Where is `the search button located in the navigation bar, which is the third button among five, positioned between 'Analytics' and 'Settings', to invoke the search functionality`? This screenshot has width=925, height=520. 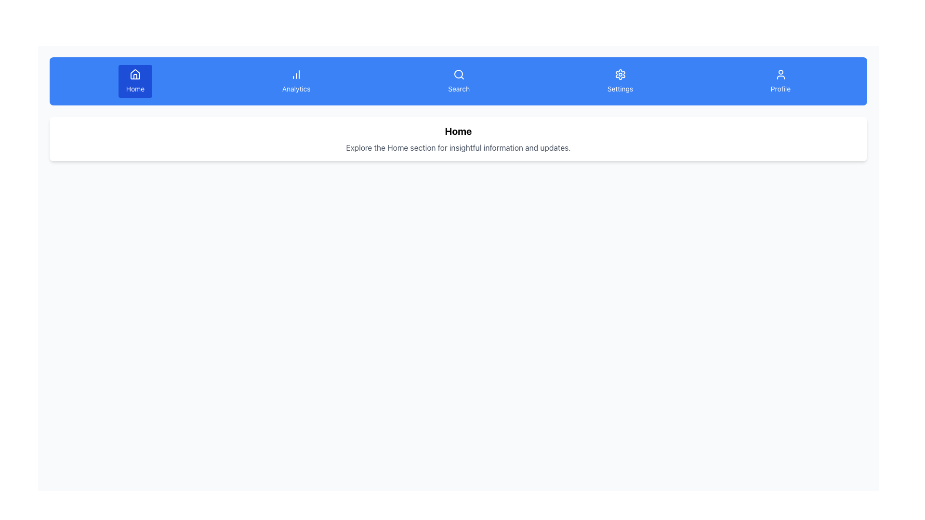 the search button located in the navigation bar, which is the third button among five, positioned between 'Analytics' and 'Settings', to invoke the search functionality is located at coordinates (458, 81).